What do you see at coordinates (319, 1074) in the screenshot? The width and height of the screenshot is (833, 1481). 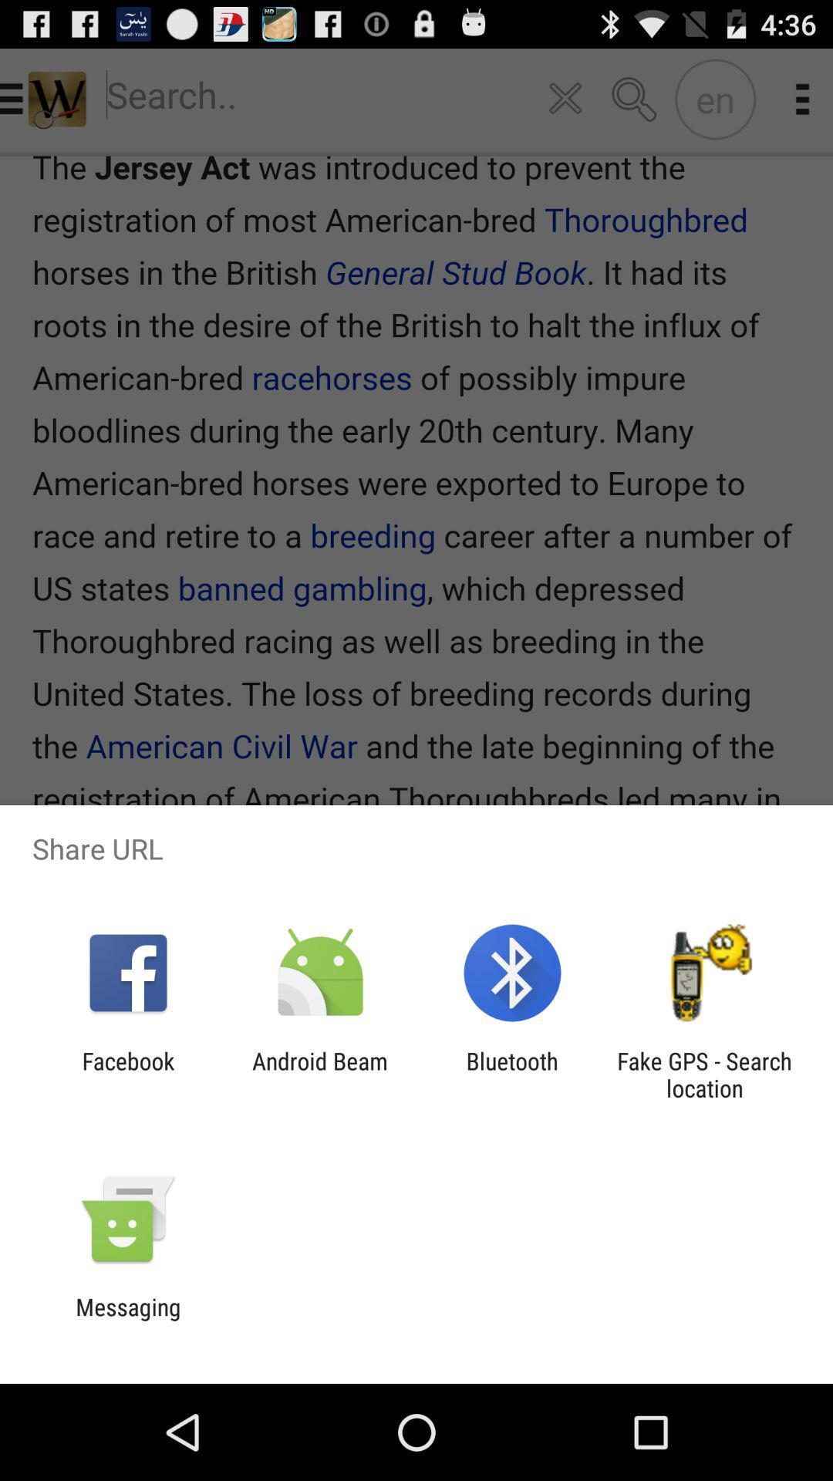 I see `item next to the facebook app` at bounding box center [319, 1074].